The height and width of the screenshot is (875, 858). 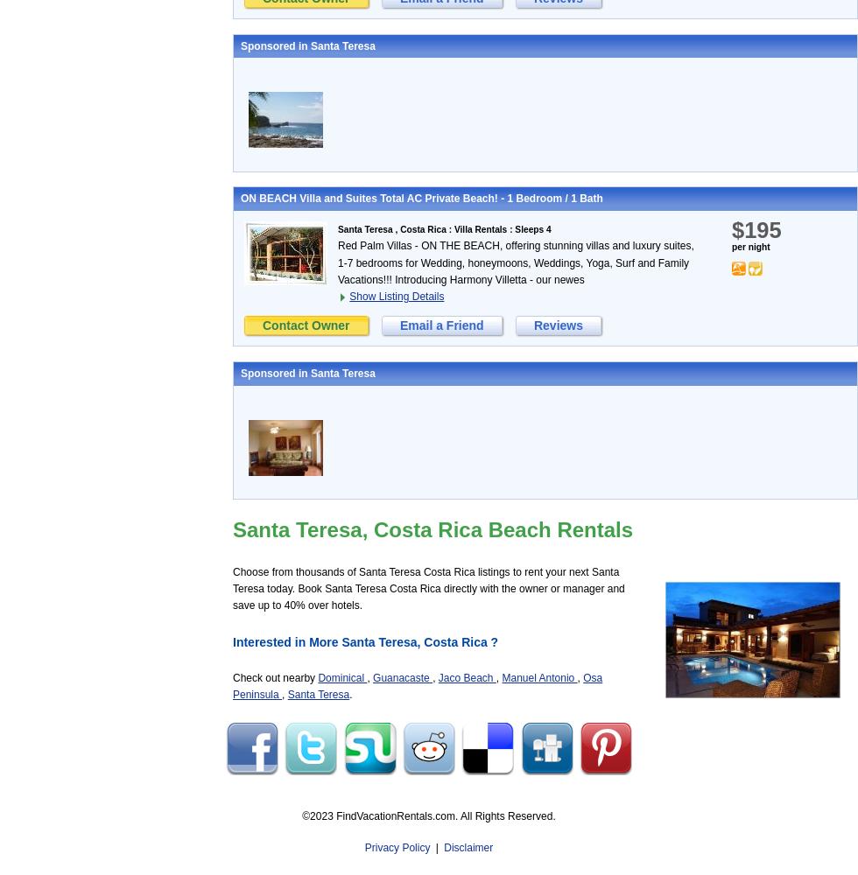 What do you see at coordinates (437, 846) in the screenshot?
I see `'|'` at bounding box center [437, 846].